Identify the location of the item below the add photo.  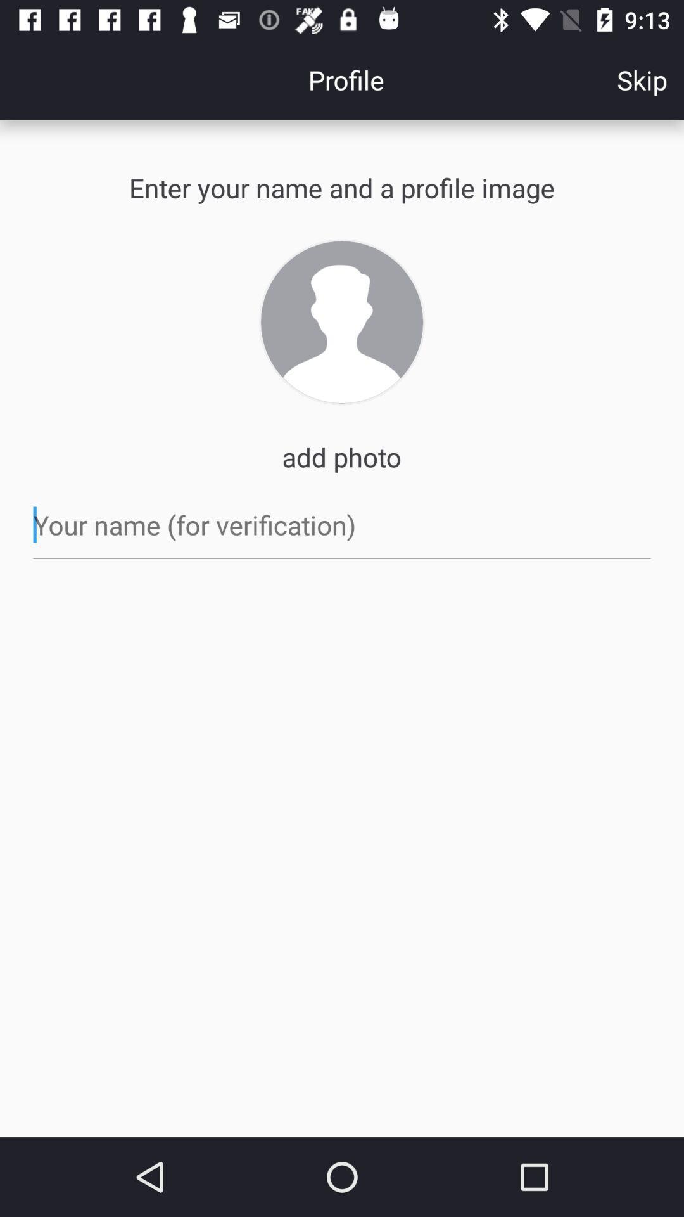
(342, 525).